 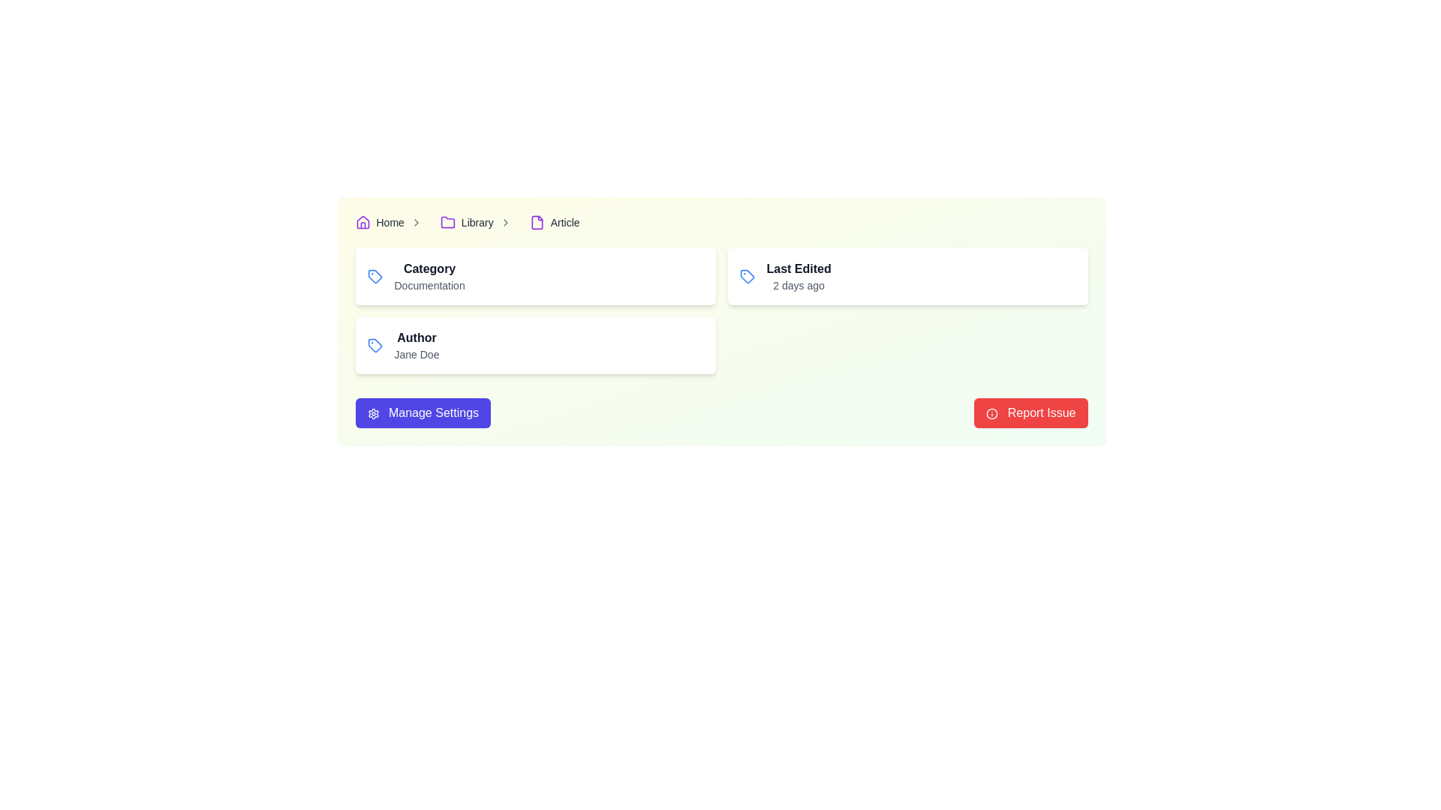 I want to click on the 'Article' clickable text link in the breadcrumb navigation, so click(x=564, y=223).